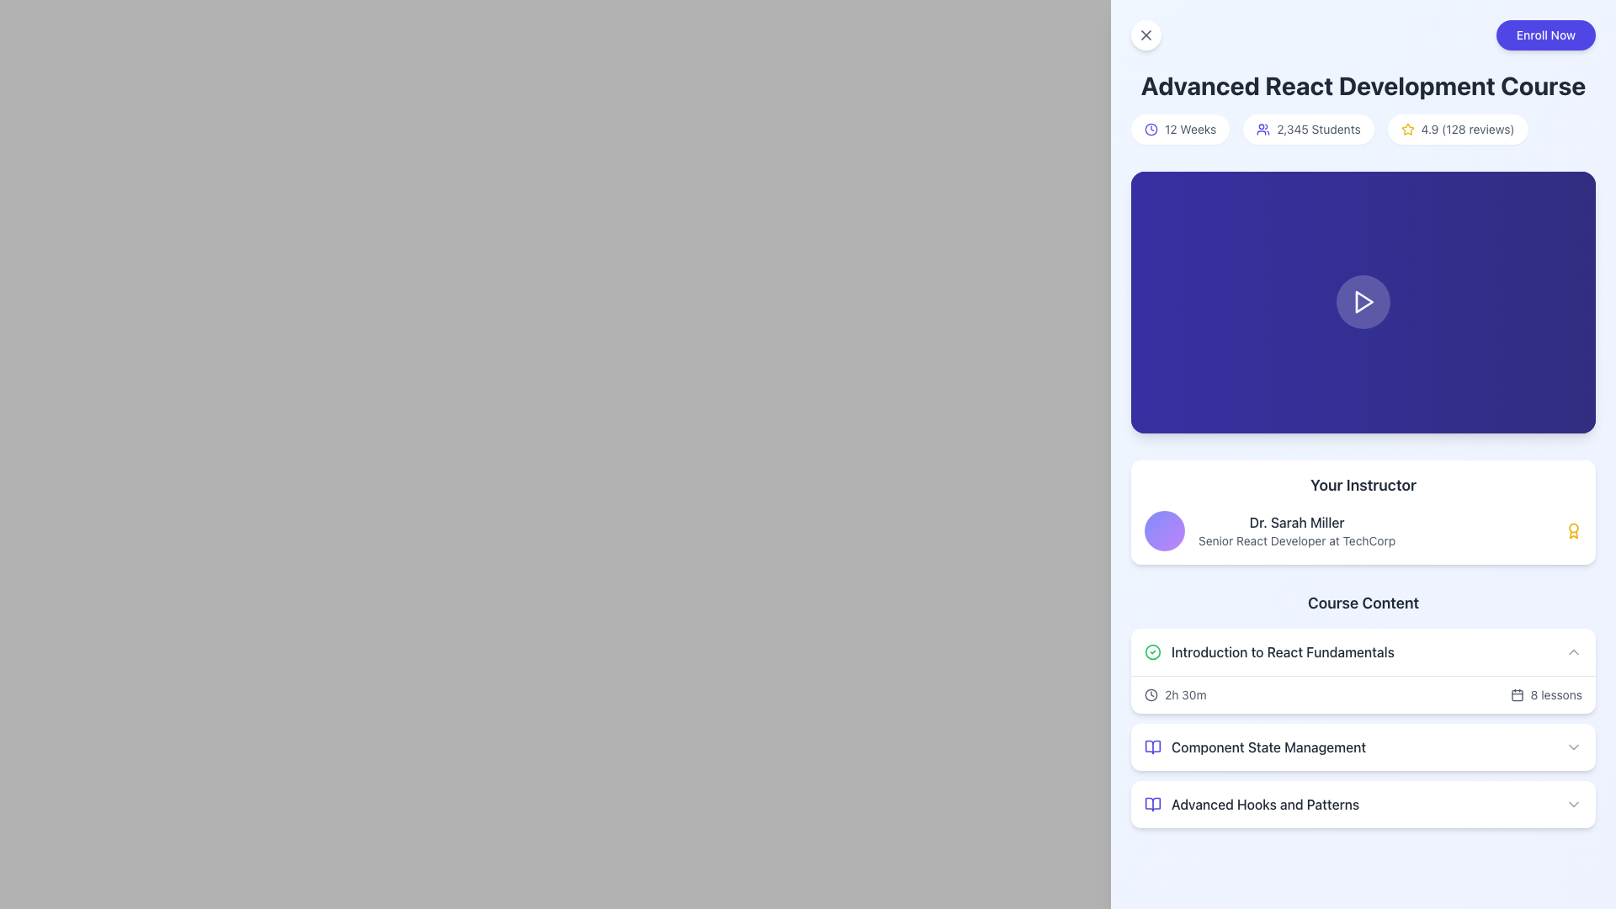 This screenshot has height=909, width=1616. What do you see at coordinates (1151, 746) in the screenshot?
I see `the icon representing 'Component State Management'` at bounding box center [1151, 746].